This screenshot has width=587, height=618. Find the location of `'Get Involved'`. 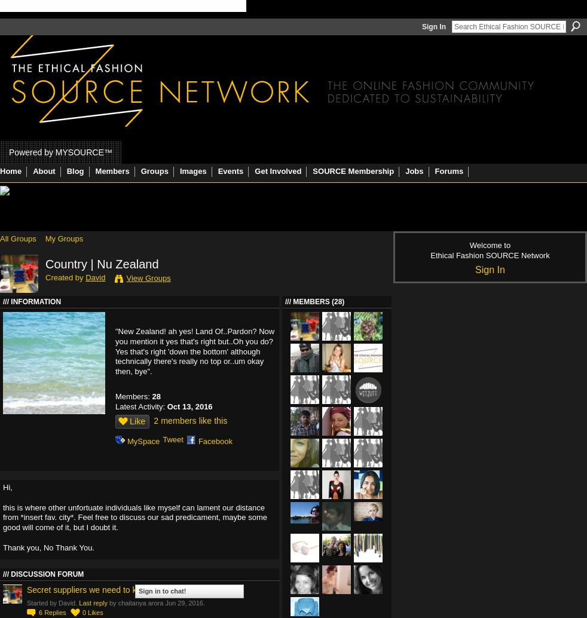

'Get Involved' is located at coordinates (254, 170).